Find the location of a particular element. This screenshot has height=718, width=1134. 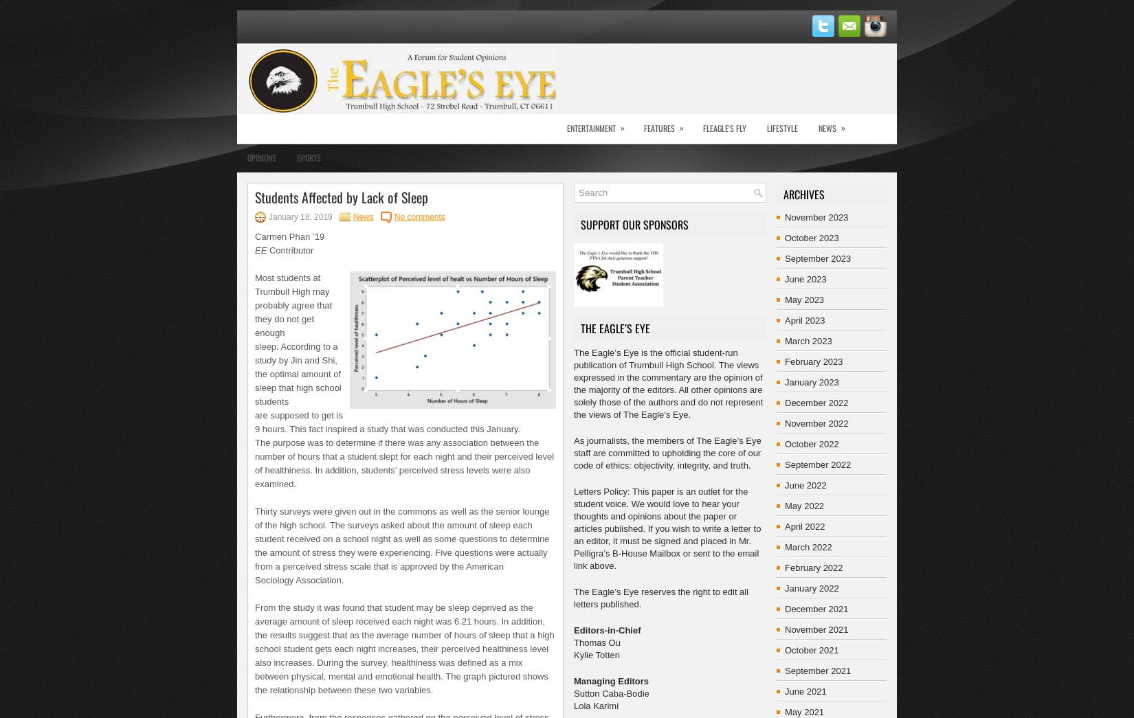

'January 2022' is located at coordinates (784, 587).